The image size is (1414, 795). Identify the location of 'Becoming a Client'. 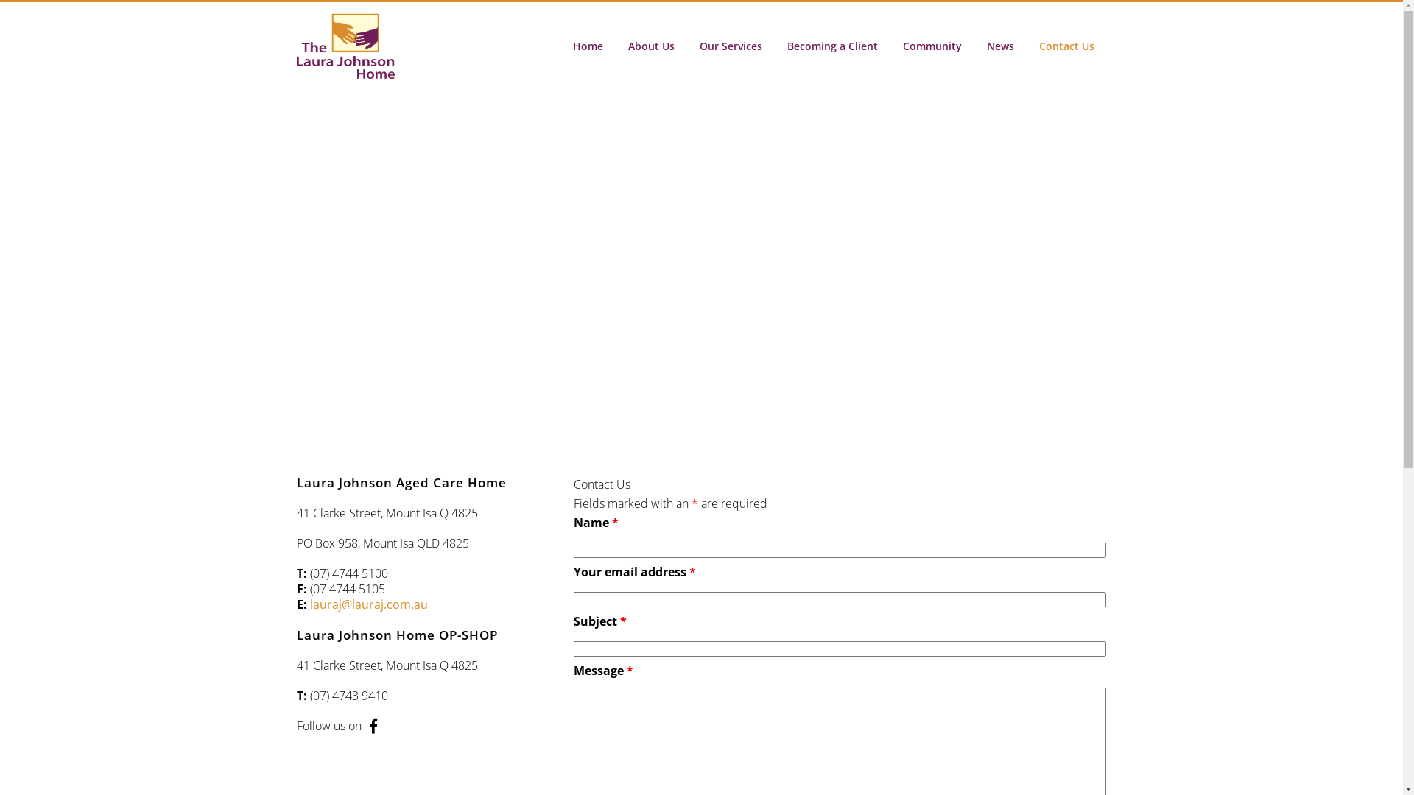
(807, 551).